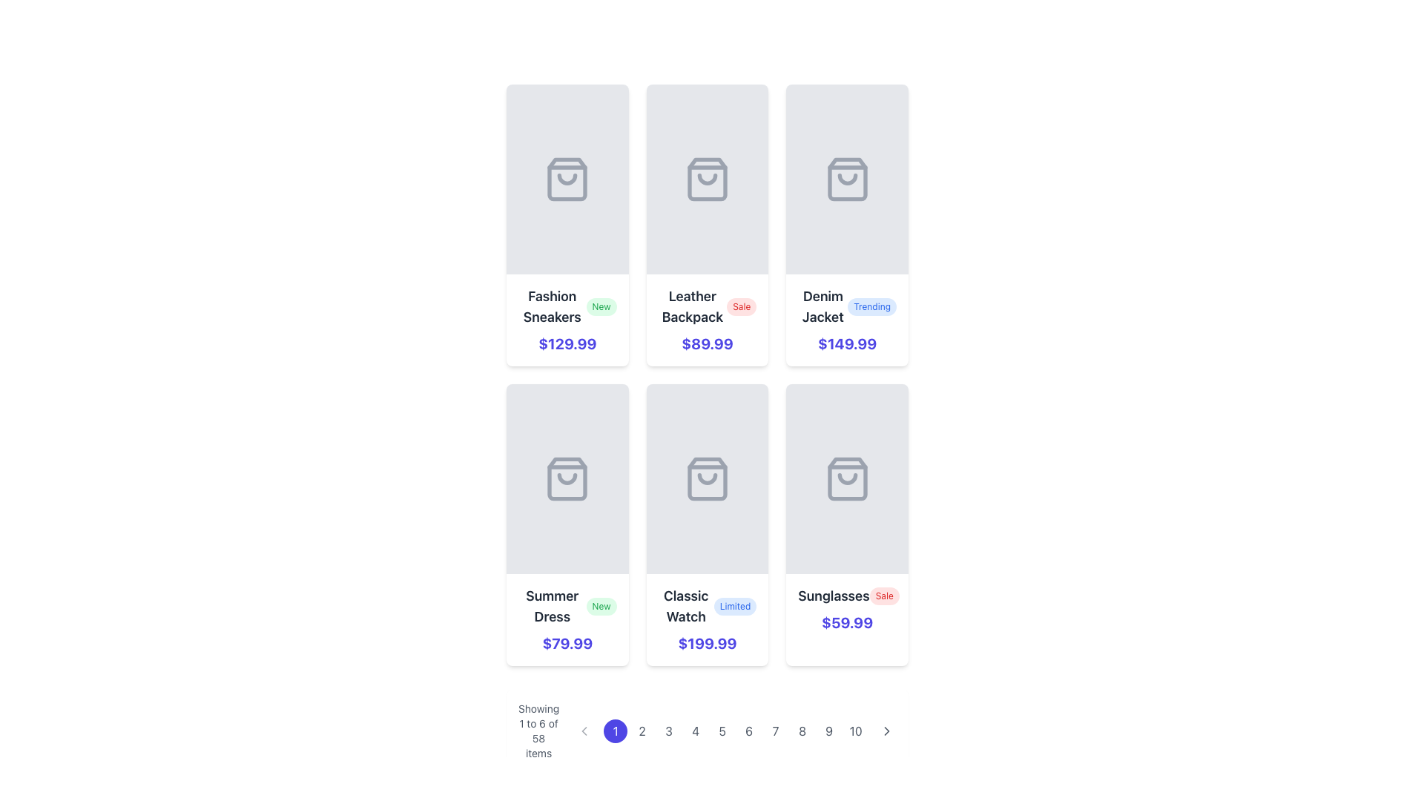 This screenshot has height=801, width=1424. I want to click on the bold price text displaying '$149.99' in indigo color, located at the bottom-right of the product card for the 'Denim Jacket', so click(847, 343).